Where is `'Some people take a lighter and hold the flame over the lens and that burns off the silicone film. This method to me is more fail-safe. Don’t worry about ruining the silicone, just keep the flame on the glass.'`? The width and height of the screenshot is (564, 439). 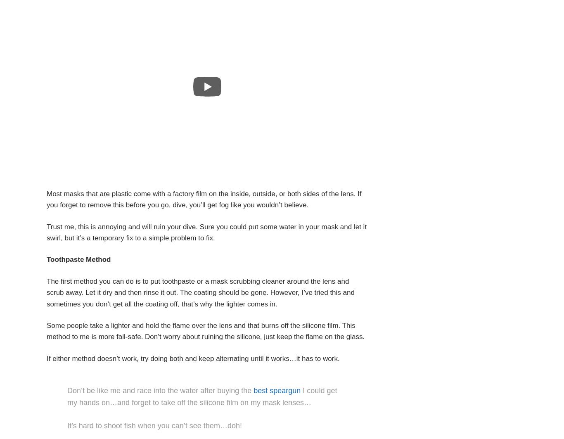 'Some people take a lighter and hold the flame over the lens and that burns off the silicone film. This method to me is more fail-safe. Don’t worry about ruining the silicone, just keep the flame on the glass.' is located at coordinates (206, 331).